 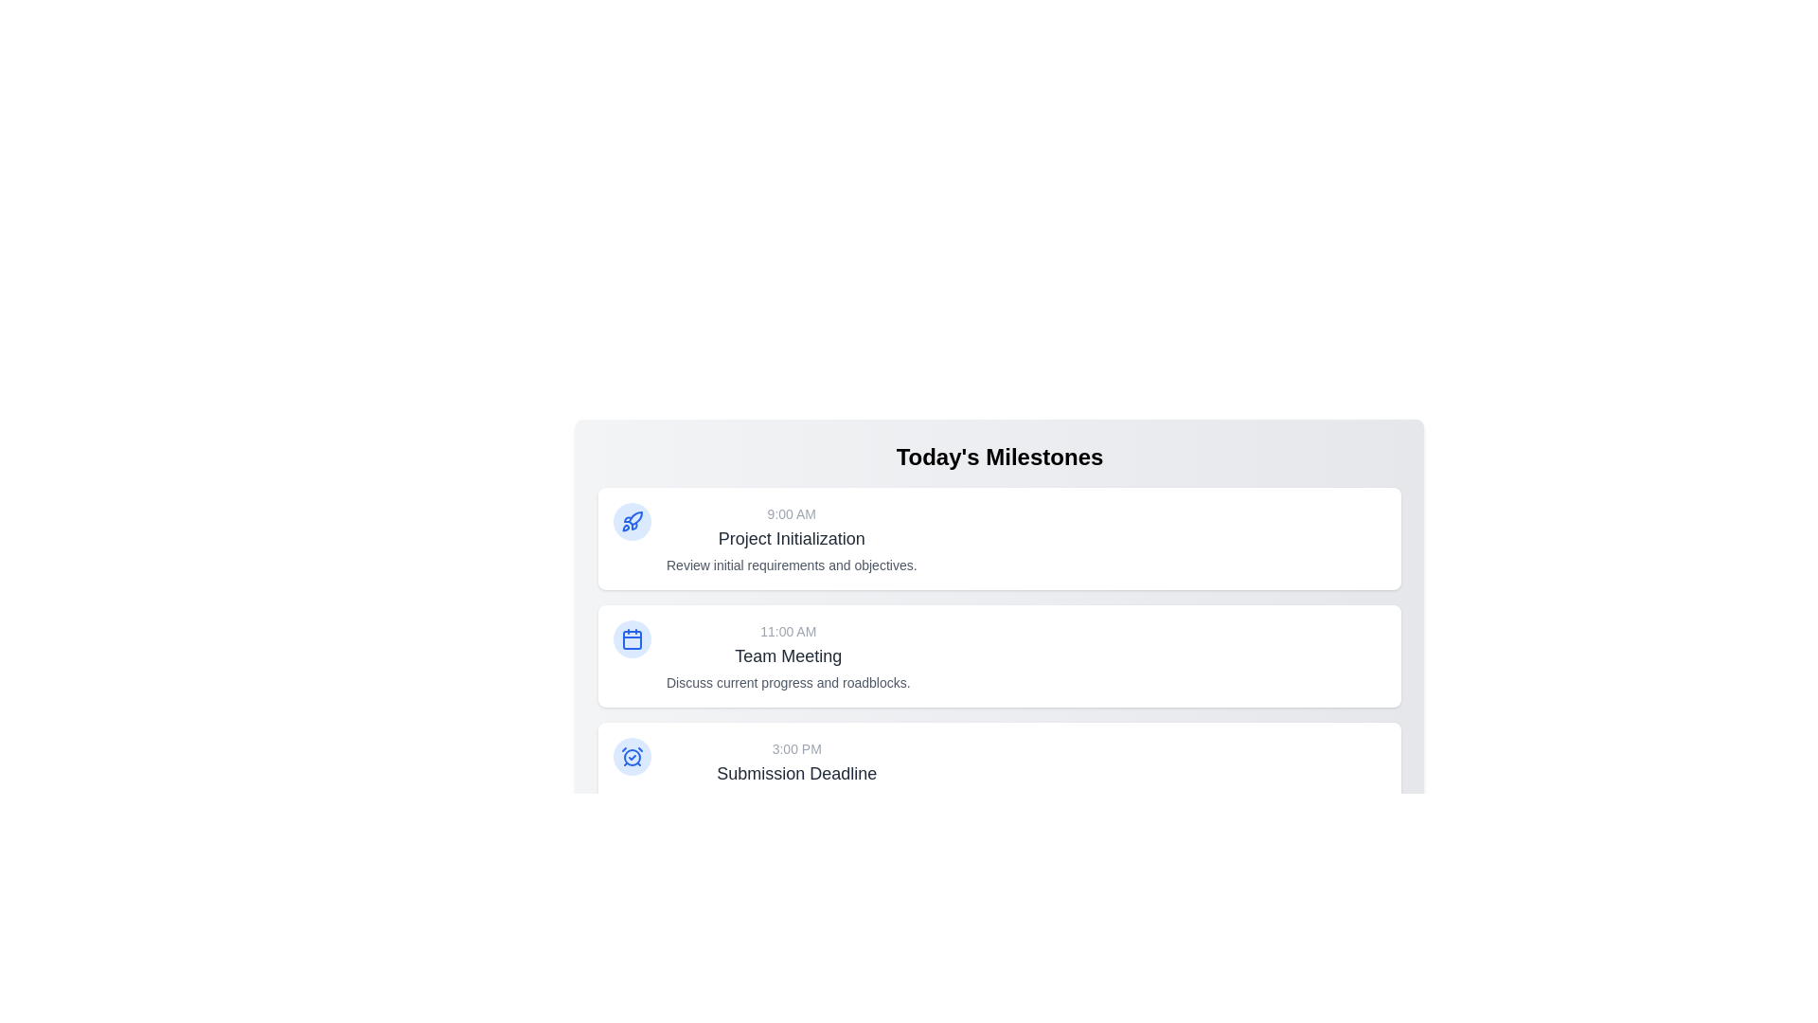 What do you see at coordinates (632, 755) in the screenshot?
I see `the 'Submission Deadline' milestone icon at 3:00 PM, which features an alarm clock and check mark design, located in the lower section of the milestone list` at bounding box center [632, 755].